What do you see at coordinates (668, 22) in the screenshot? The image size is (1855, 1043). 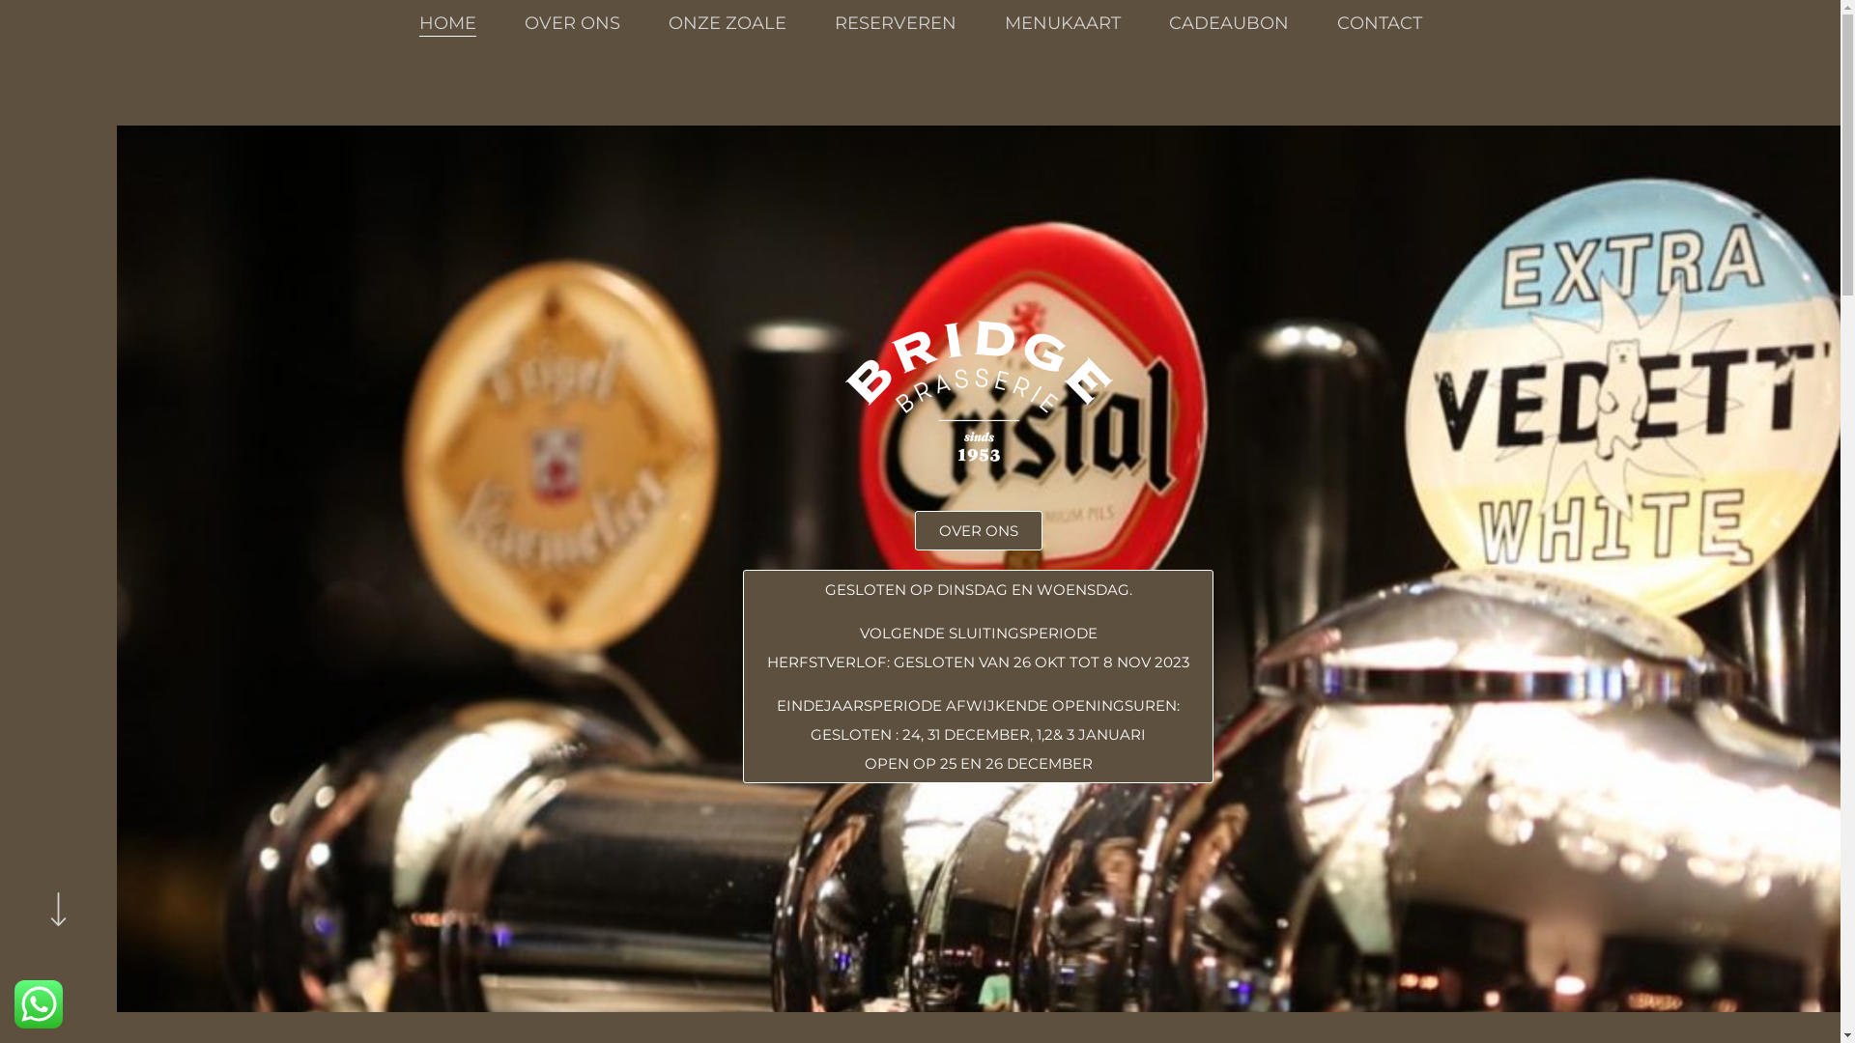 I see `'ONZE ZOALE'` at bounding box center [668, 22].